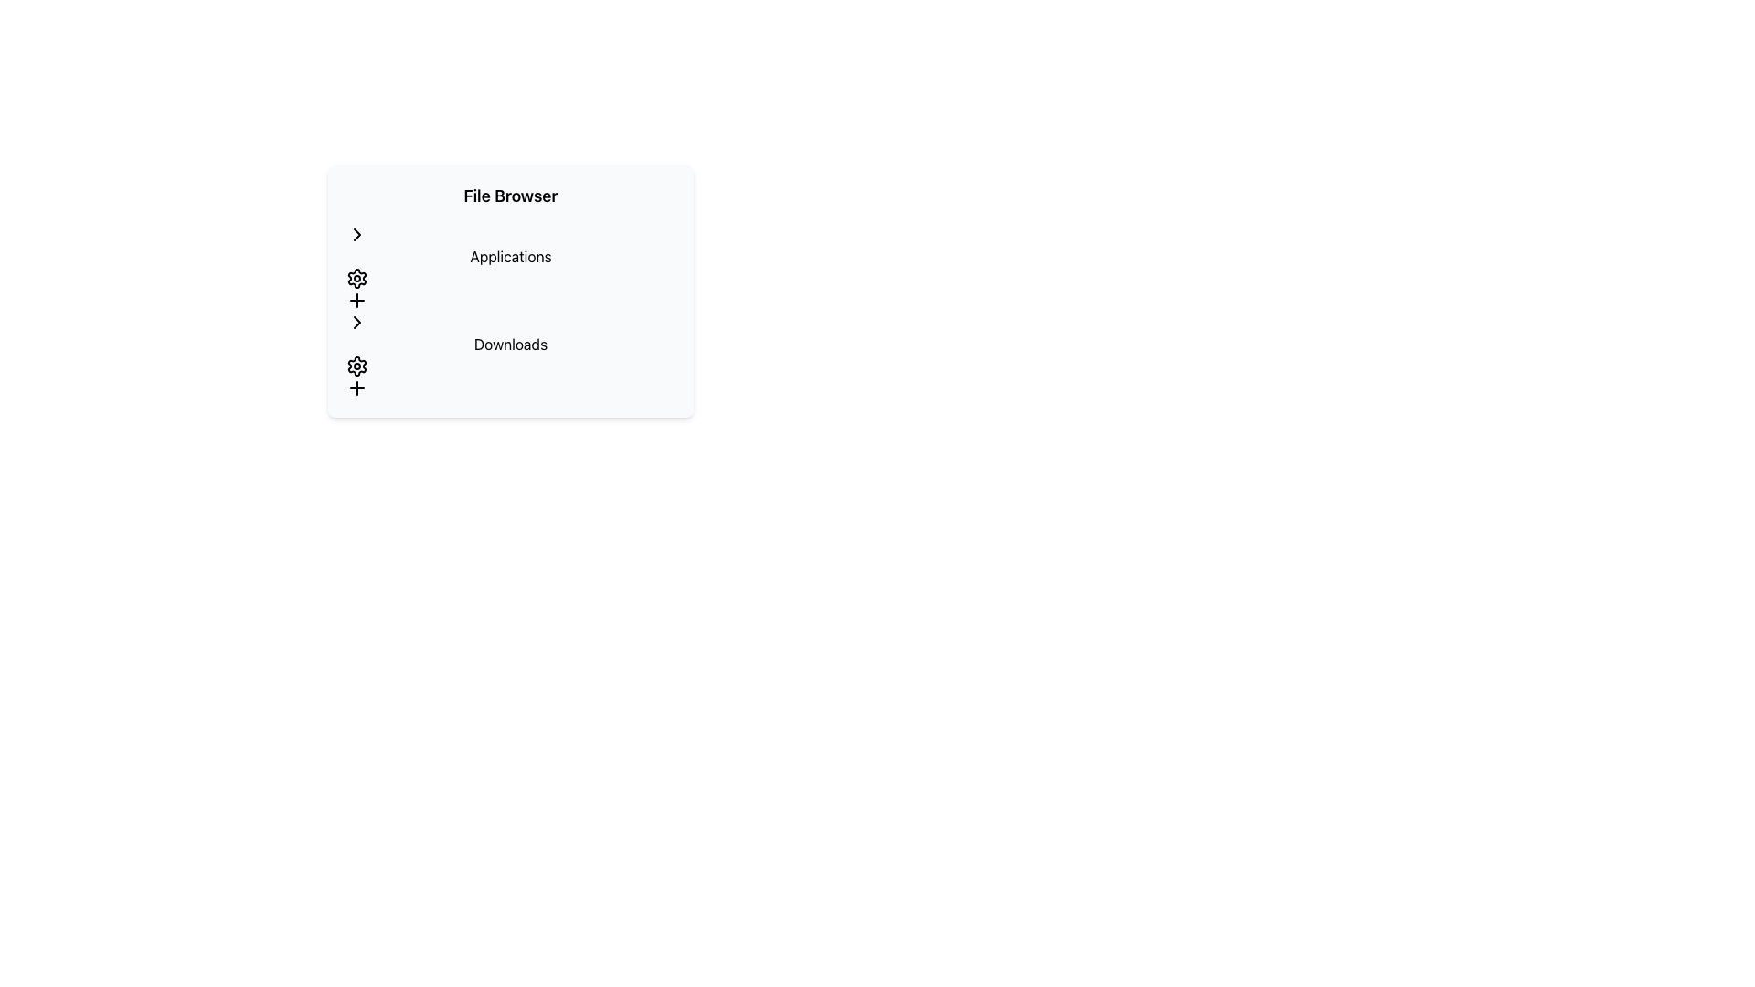 The height and width of the screenshot is (987, 1755). I want to click on the third icon in the vertical stack, positioned below the gear icon and another plus icon, so click(356, 387).